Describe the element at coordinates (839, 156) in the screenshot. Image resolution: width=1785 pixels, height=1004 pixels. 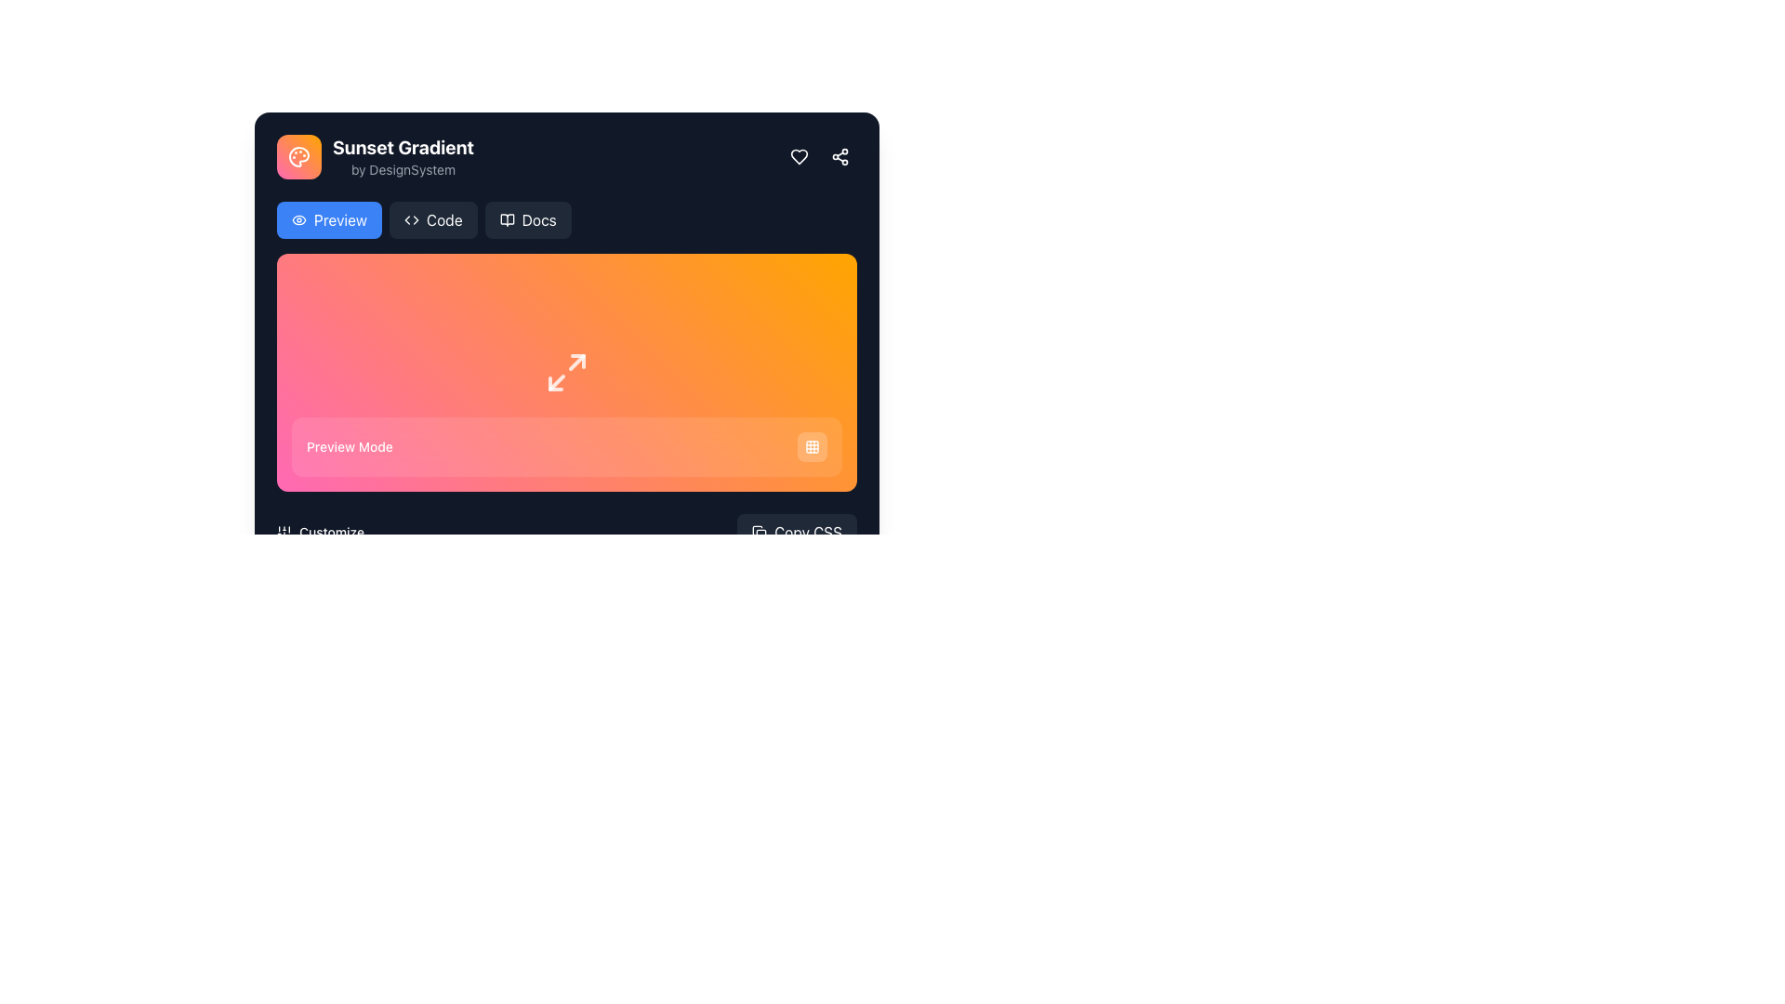
I see `the share button located in the top-right corner of the card interface, positioned to the right of the heart icon` at that location.